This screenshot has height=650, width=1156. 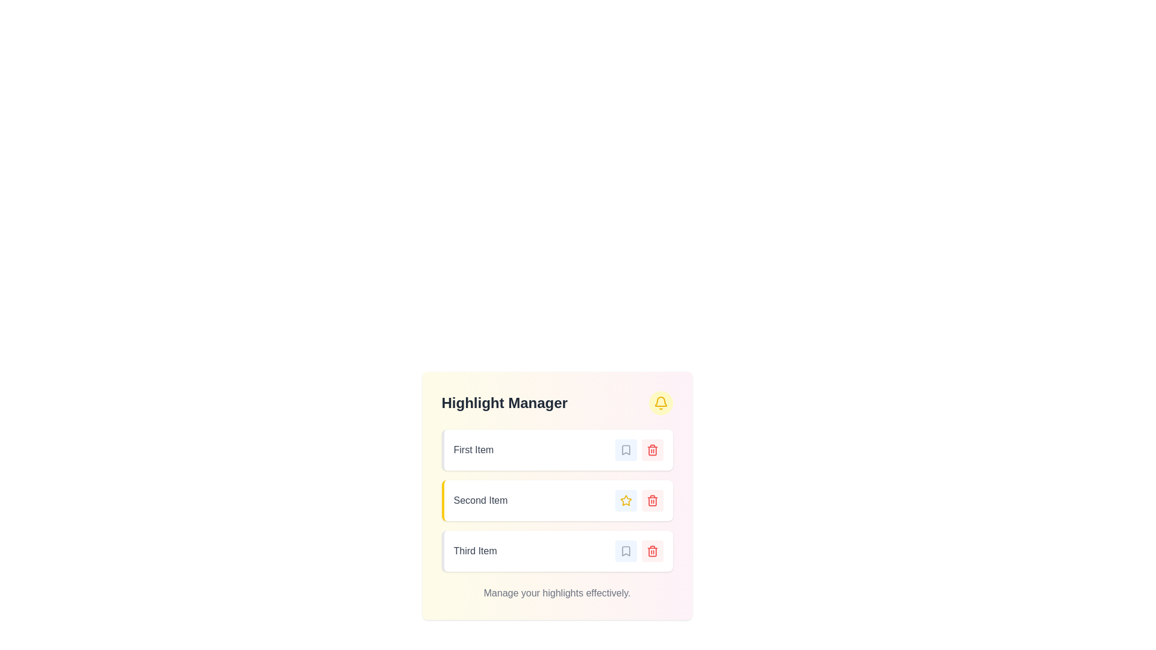 I want to click on the delete icon button located in the third row of the 'Highlight Manager' section, adjacent to the 'Third Item' text label and a bookmark icon, so click(x=651, y=551).